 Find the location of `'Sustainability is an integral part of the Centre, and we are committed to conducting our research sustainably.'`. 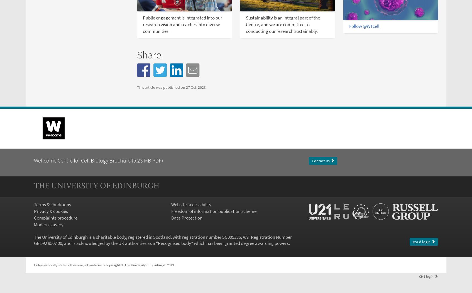

'Sustainability is an integral part of the Centre, and we are committed to conducting our research sustainably.' is located at coordinates (282, 24).